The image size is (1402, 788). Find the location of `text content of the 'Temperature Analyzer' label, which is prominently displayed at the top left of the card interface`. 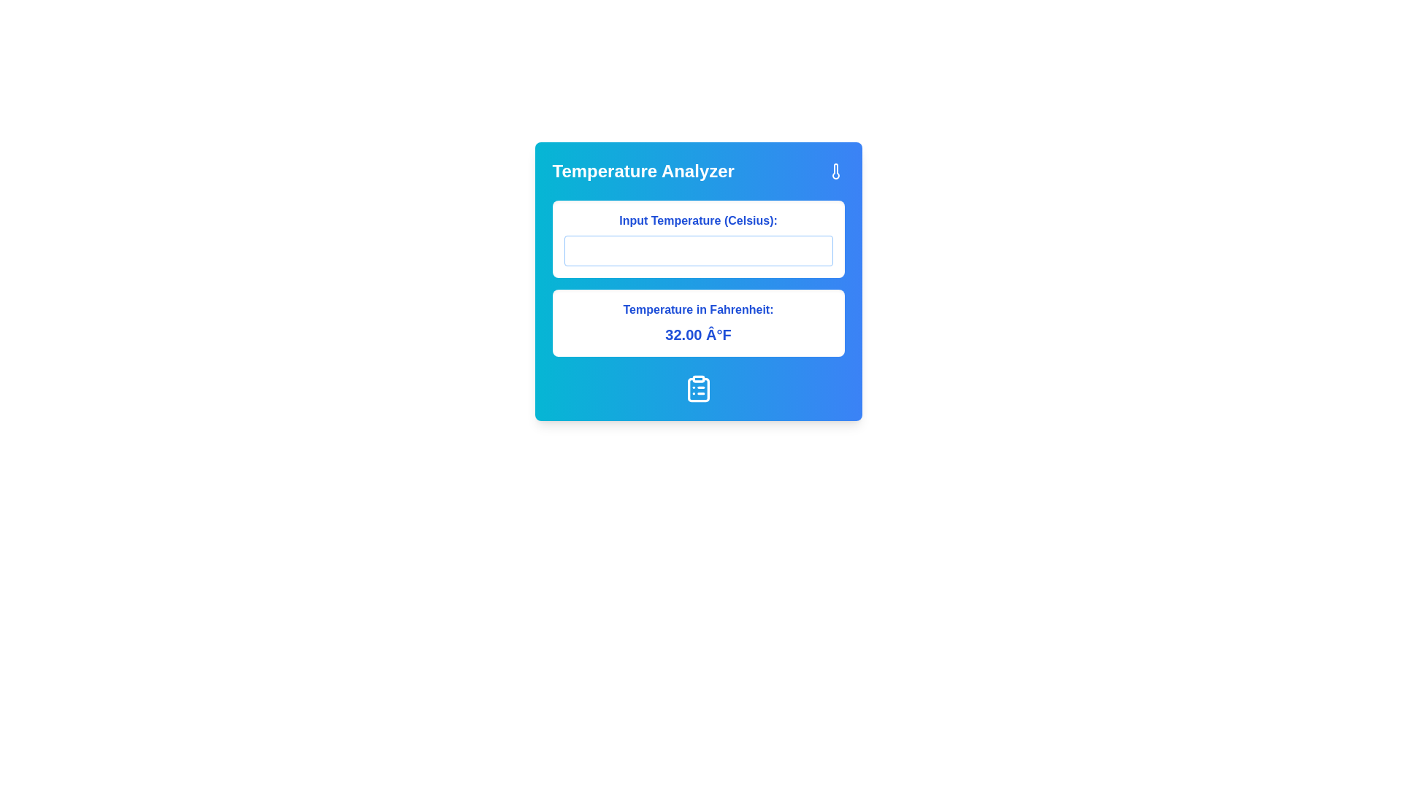

text content of the 'Temperature Analyzer' label, which is prominently displayed at the top left of the card interface is located at coordinates (643, 171).